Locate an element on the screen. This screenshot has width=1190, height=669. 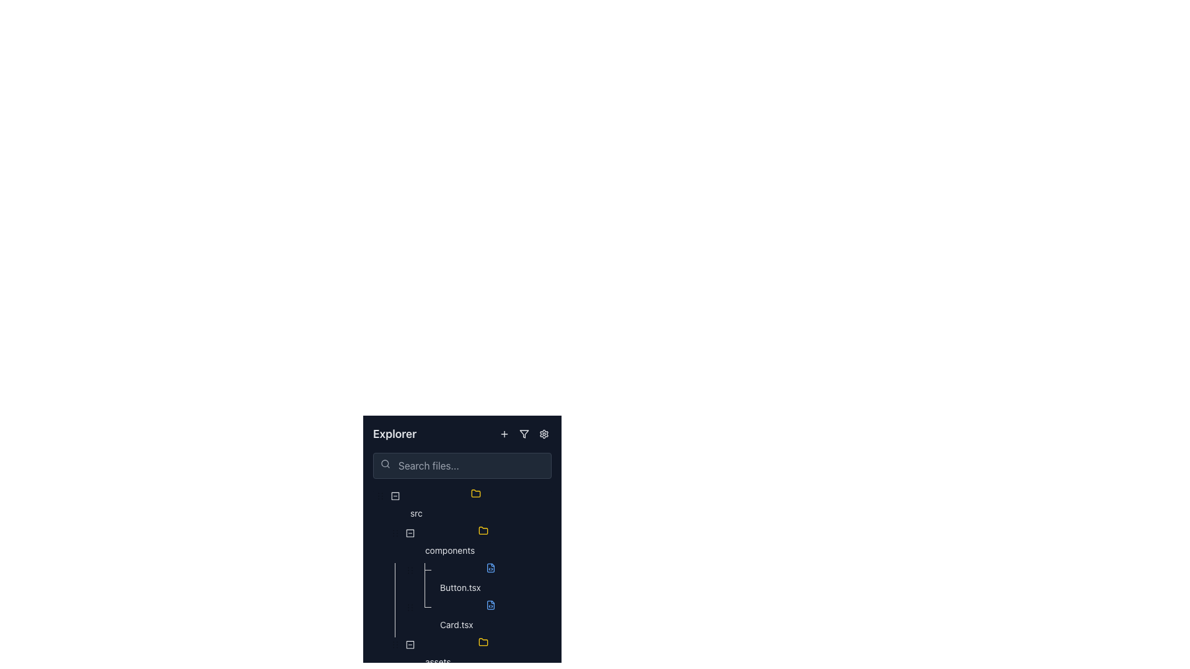
the square minus icon in the tree view UI component is located at coordinates (410, 532).